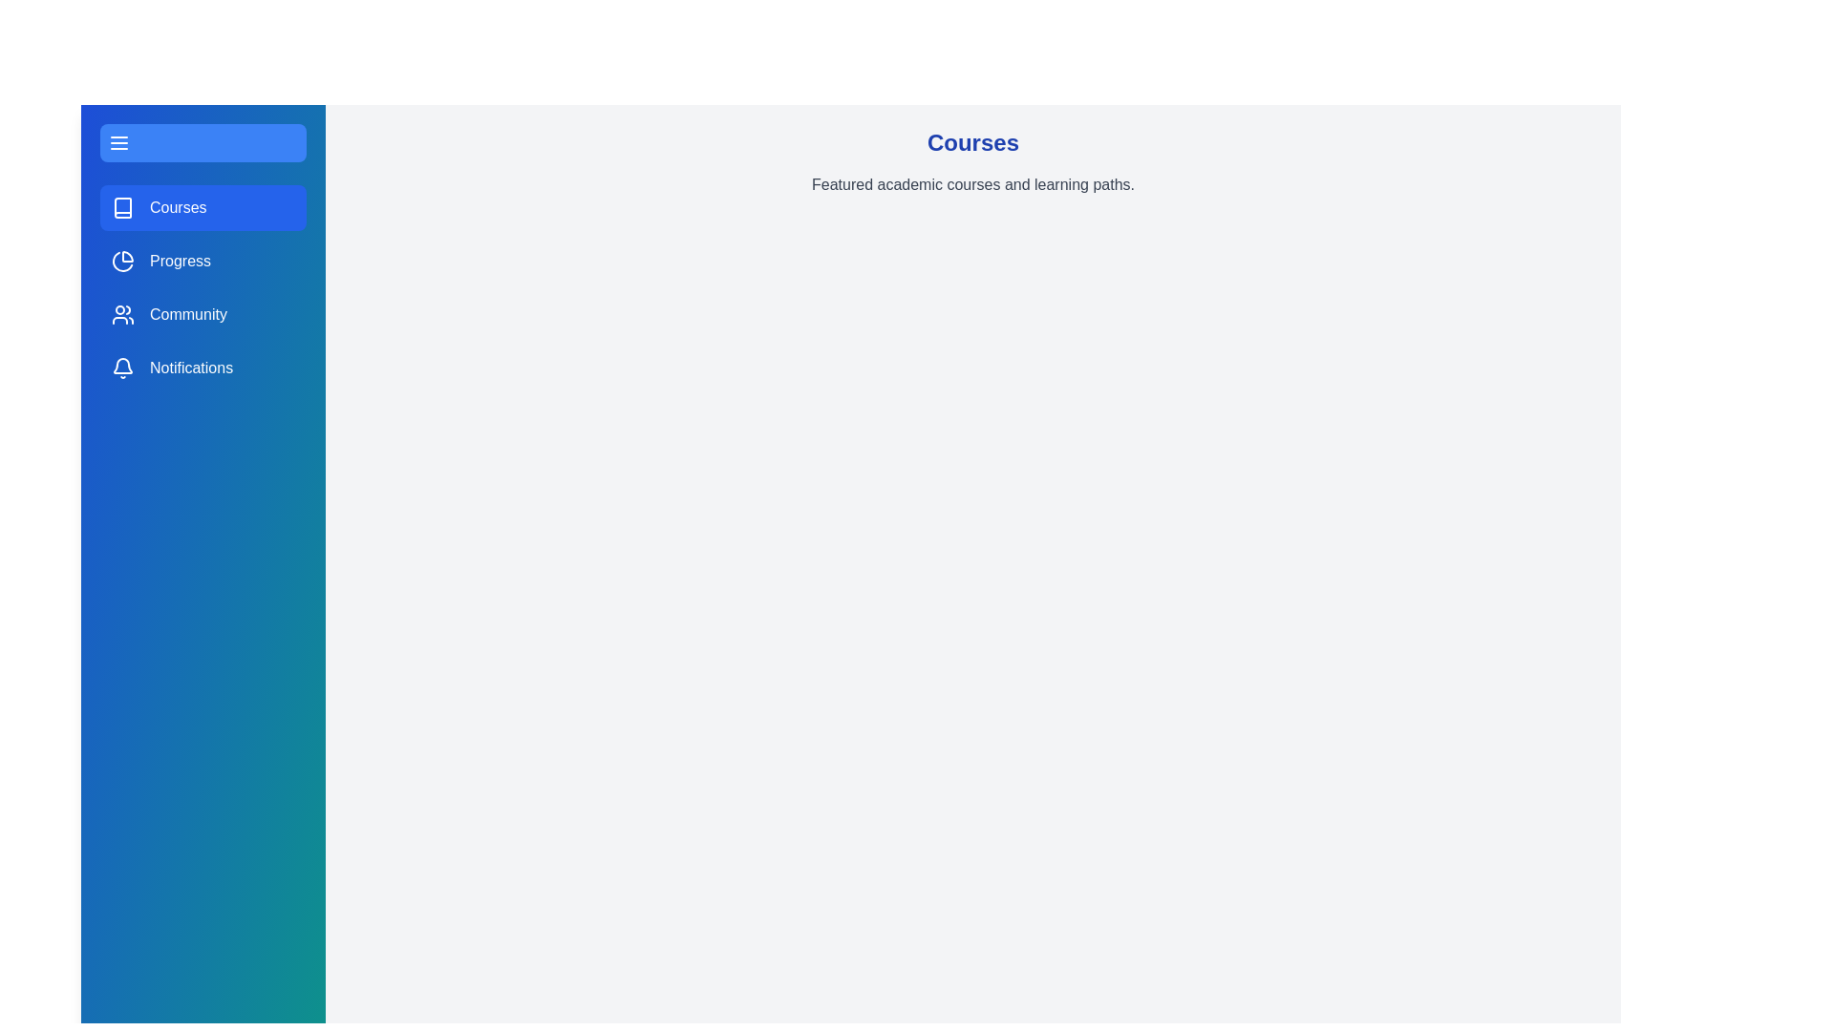 Image resolution: width=1834 pixels, height=1031 pixels. What do you see at coordinates (203, 208) in the screenshot?
I see `the sidebar section Courses by clicking on its corresponding area` at bounding box center [203, 208].